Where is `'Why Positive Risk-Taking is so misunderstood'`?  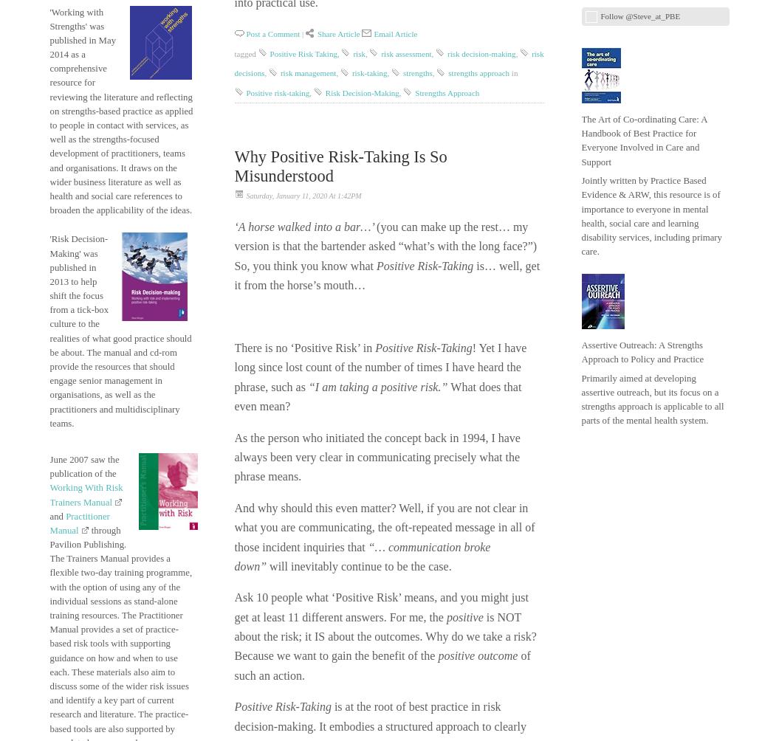 'Why Positive Risk-Taking is so misunderstood' is located at coordinates (233, 165).